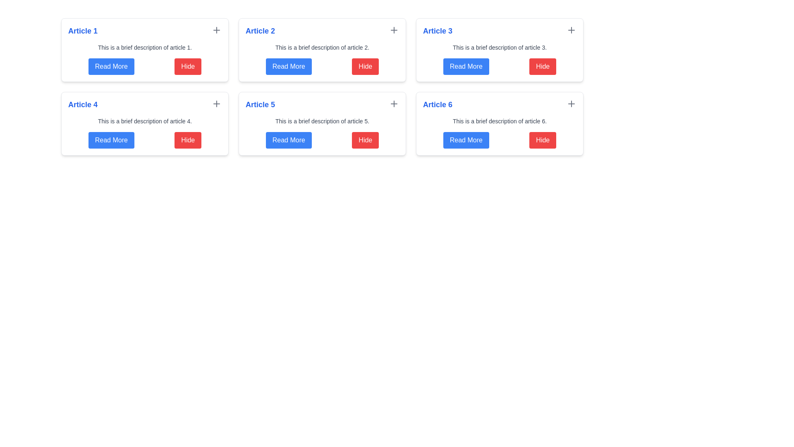 This screenshot has width=794, height=447. Describe the element at coordinates (571, 103) in the screenshot. I see `the interactive button in the top-right corner of the 'Article 6' section` at that location.